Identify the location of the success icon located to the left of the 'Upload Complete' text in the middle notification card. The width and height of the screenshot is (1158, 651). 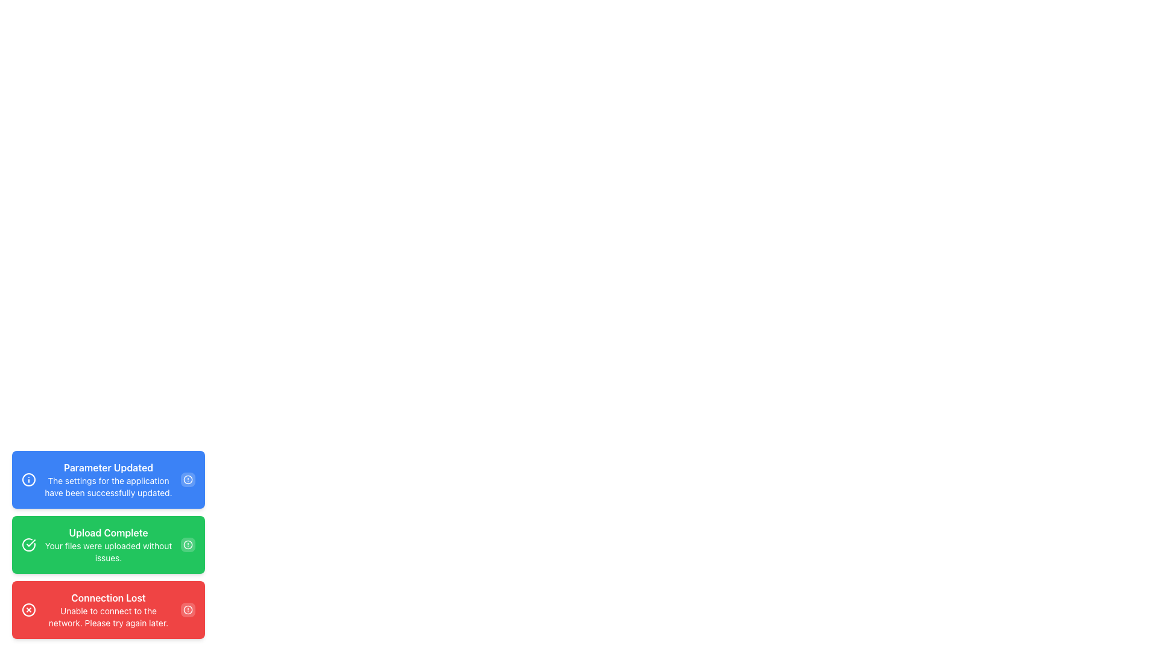
(29, 544).